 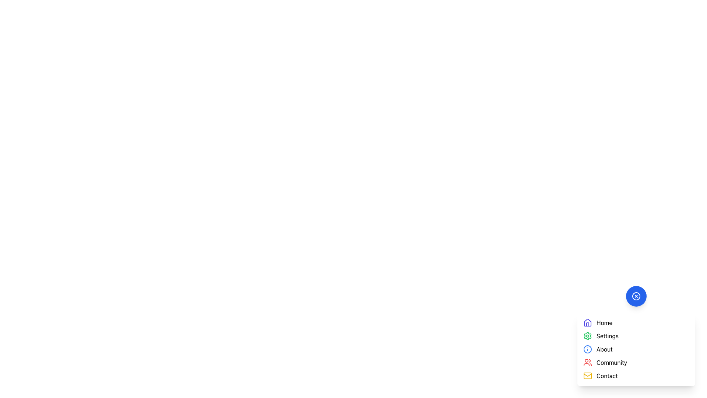 I want to click on the mail icon with a yellow outline and white background, which is located next to the text label 'Contact' in the vertical navigation menu, so click(x=587, y=376).